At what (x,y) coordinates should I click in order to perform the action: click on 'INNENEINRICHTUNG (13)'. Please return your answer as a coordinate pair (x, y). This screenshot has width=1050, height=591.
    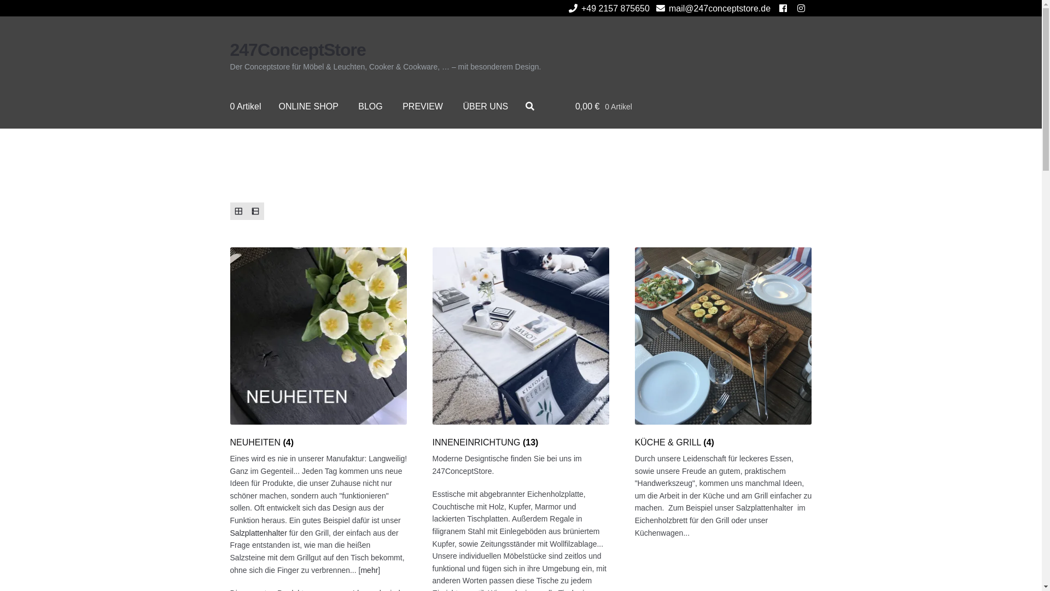
    Looking at the image, I should click on (521, 347).